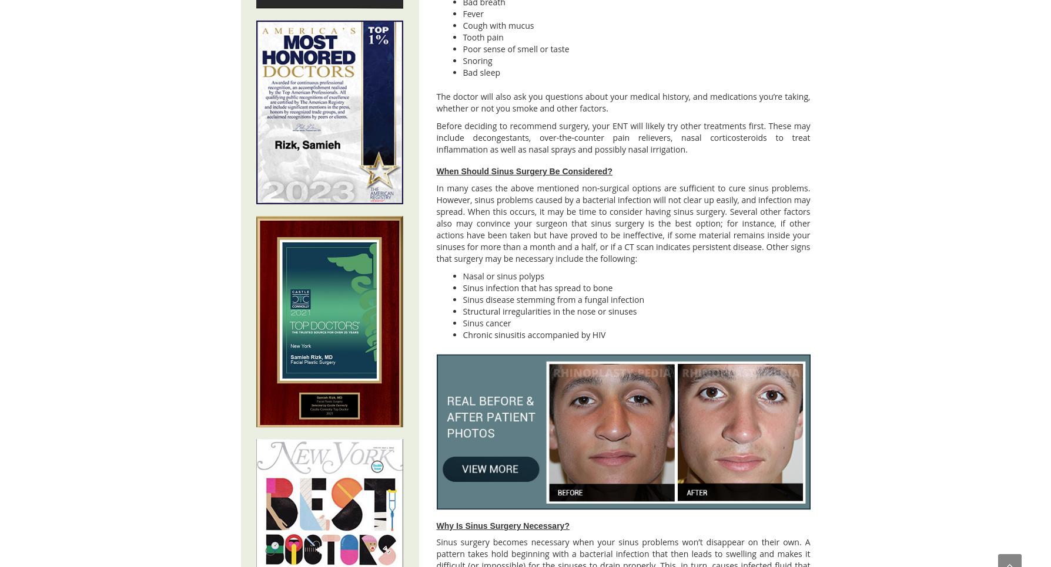  What do you see at coordinates (462, 13) in the screenshot?
I see `'Fever'` at bounding box center [462, 13].